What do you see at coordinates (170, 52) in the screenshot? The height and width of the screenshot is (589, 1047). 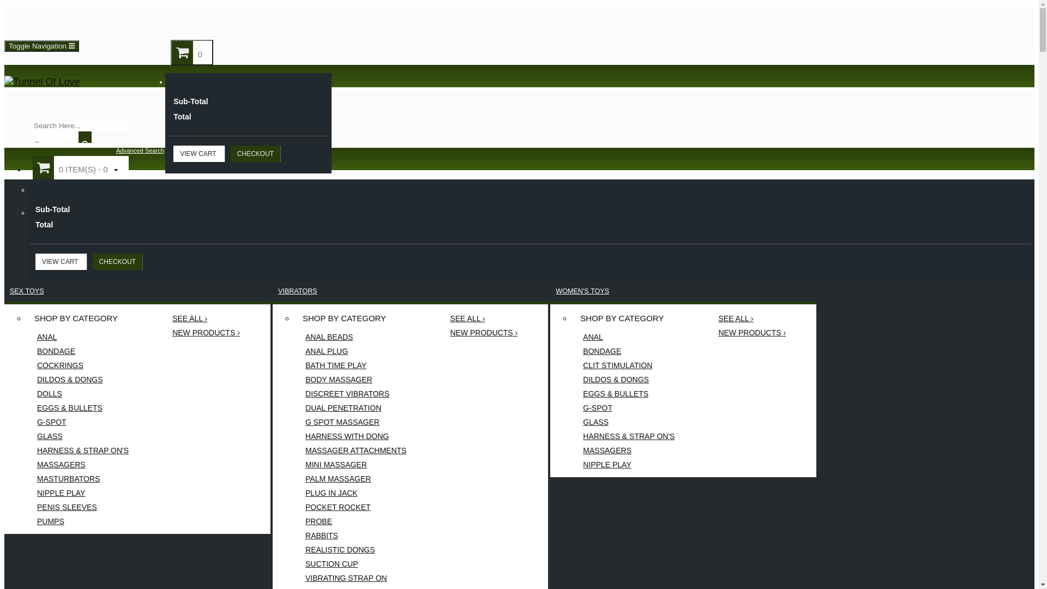 I see `'0'` at bounding box center [170, 52].